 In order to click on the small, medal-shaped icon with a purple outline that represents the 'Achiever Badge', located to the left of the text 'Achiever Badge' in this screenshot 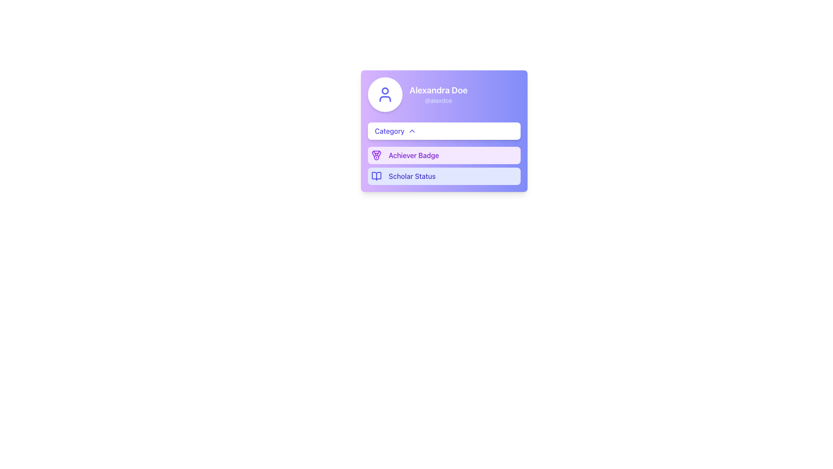, I will do `click(377, 155)`.